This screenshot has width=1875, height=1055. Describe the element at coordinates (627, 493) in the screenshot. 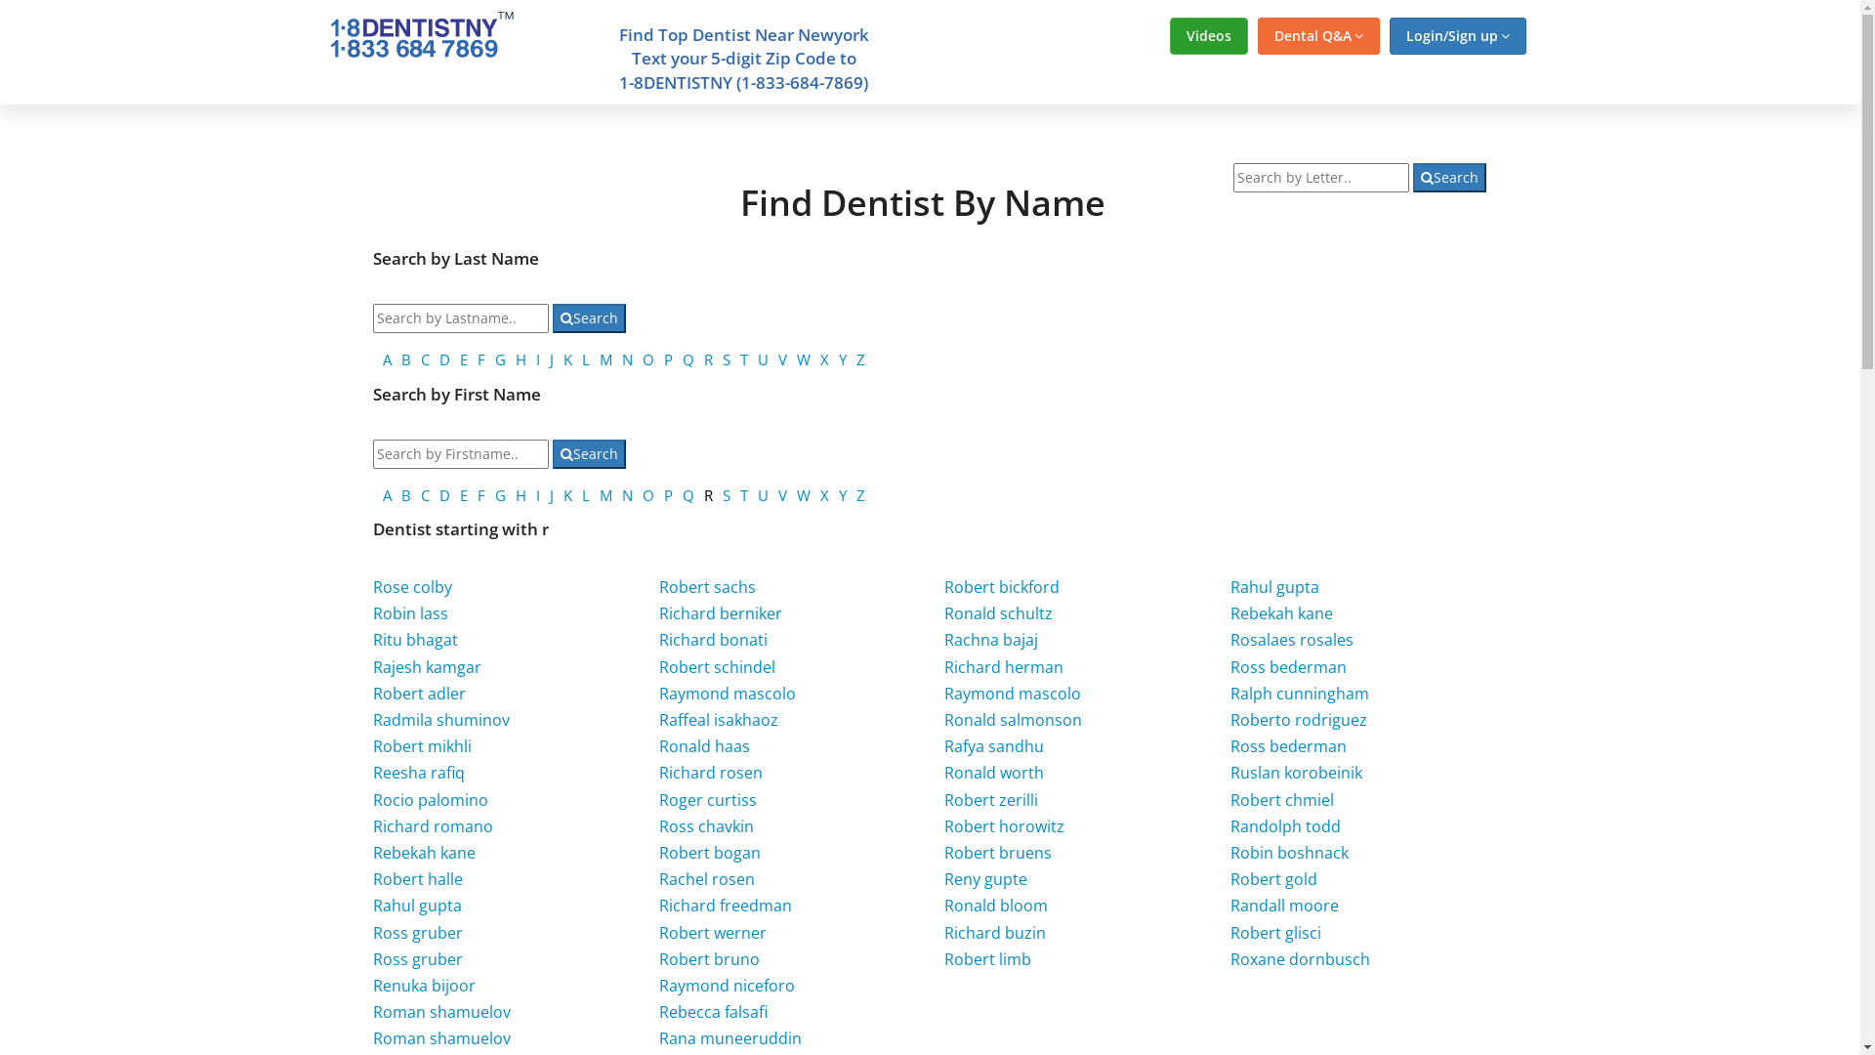

I see `'N'` at that location.